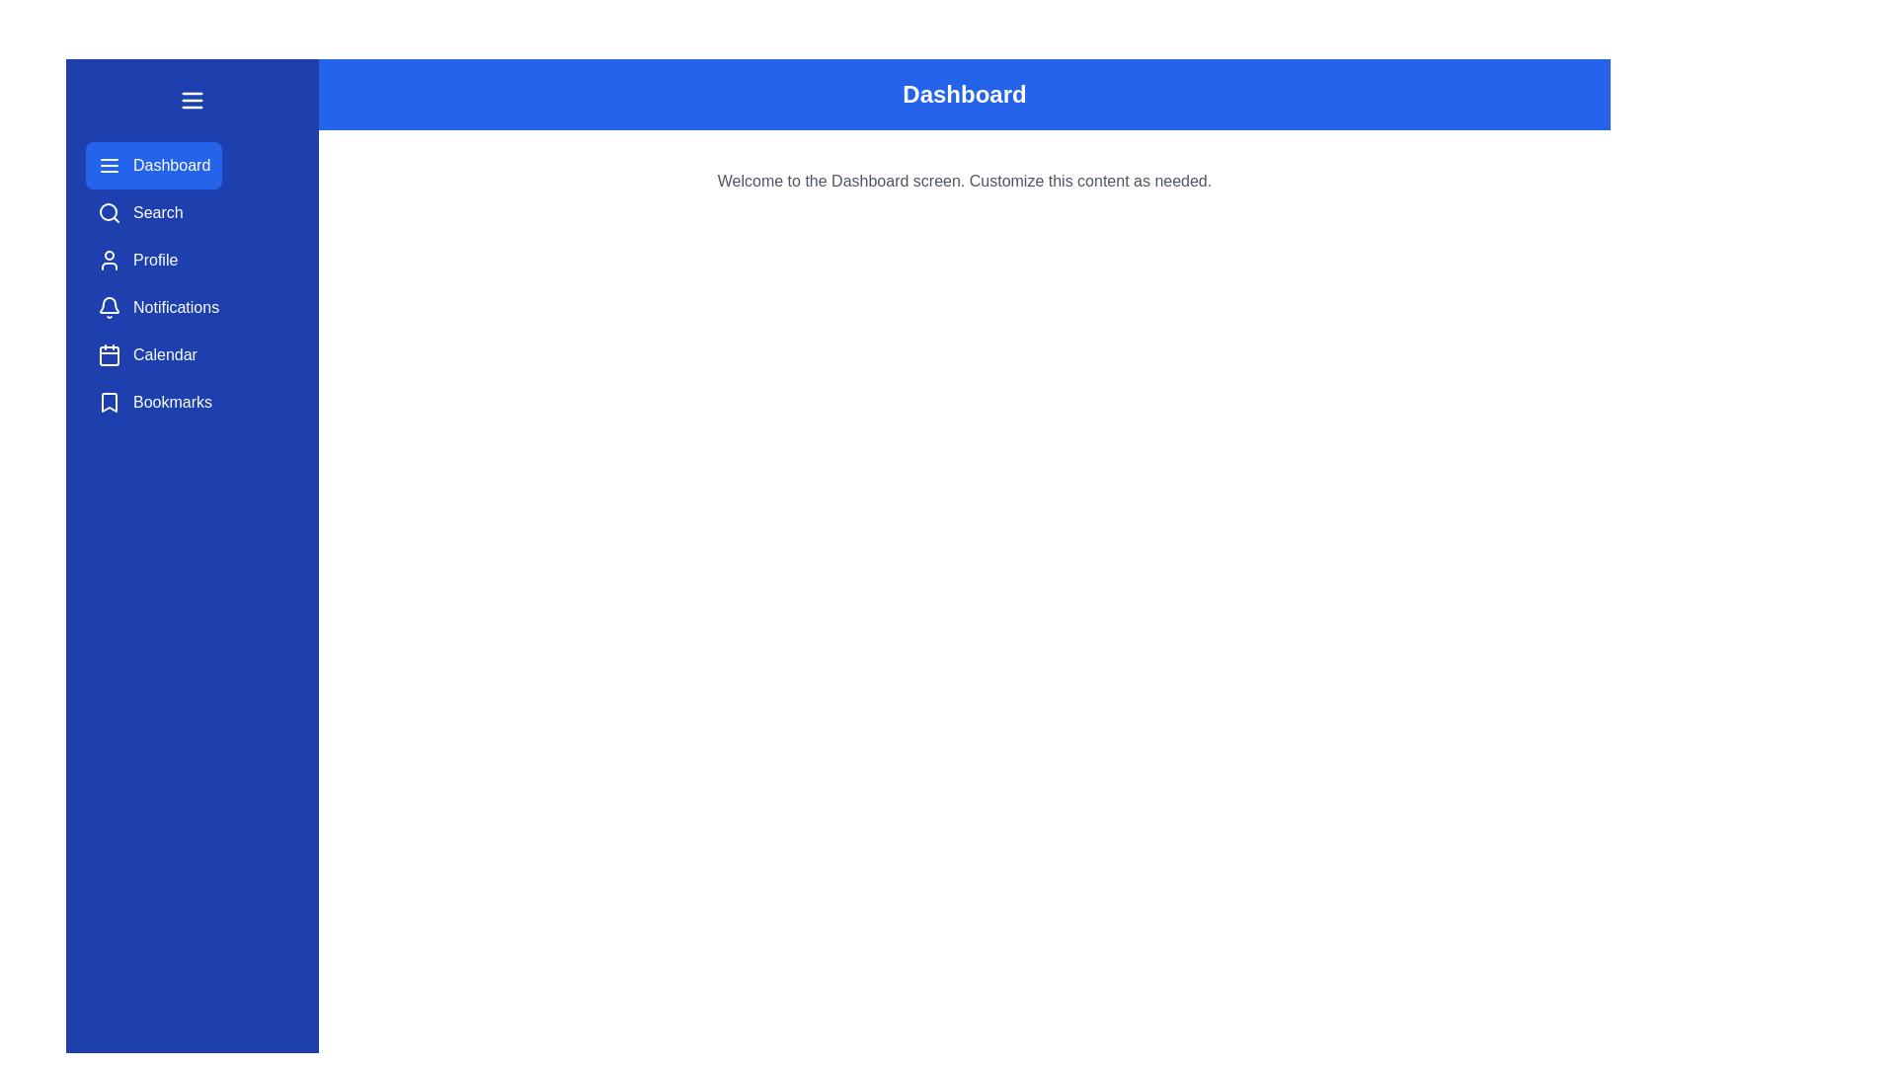 The width and height of the screenshot is (1896, 1066). What do you see at coordinates (173, 402) in the screenshot?
I see `text content of the 'Bookmarks' label located in the sixth position of the vertical navigation menu on the left side of the interface` at bounding box center [173, 402].